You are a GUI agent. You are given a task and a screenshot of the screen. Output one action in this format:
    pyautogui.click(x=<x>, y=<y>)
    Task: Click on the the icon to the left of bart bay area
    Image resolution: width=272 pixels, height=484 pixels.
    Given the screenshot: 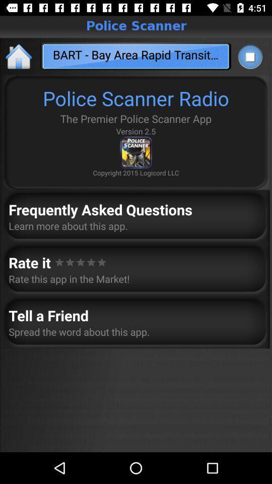 What is the action you would take?
    pyautogui.click(x=19, y=56)
    